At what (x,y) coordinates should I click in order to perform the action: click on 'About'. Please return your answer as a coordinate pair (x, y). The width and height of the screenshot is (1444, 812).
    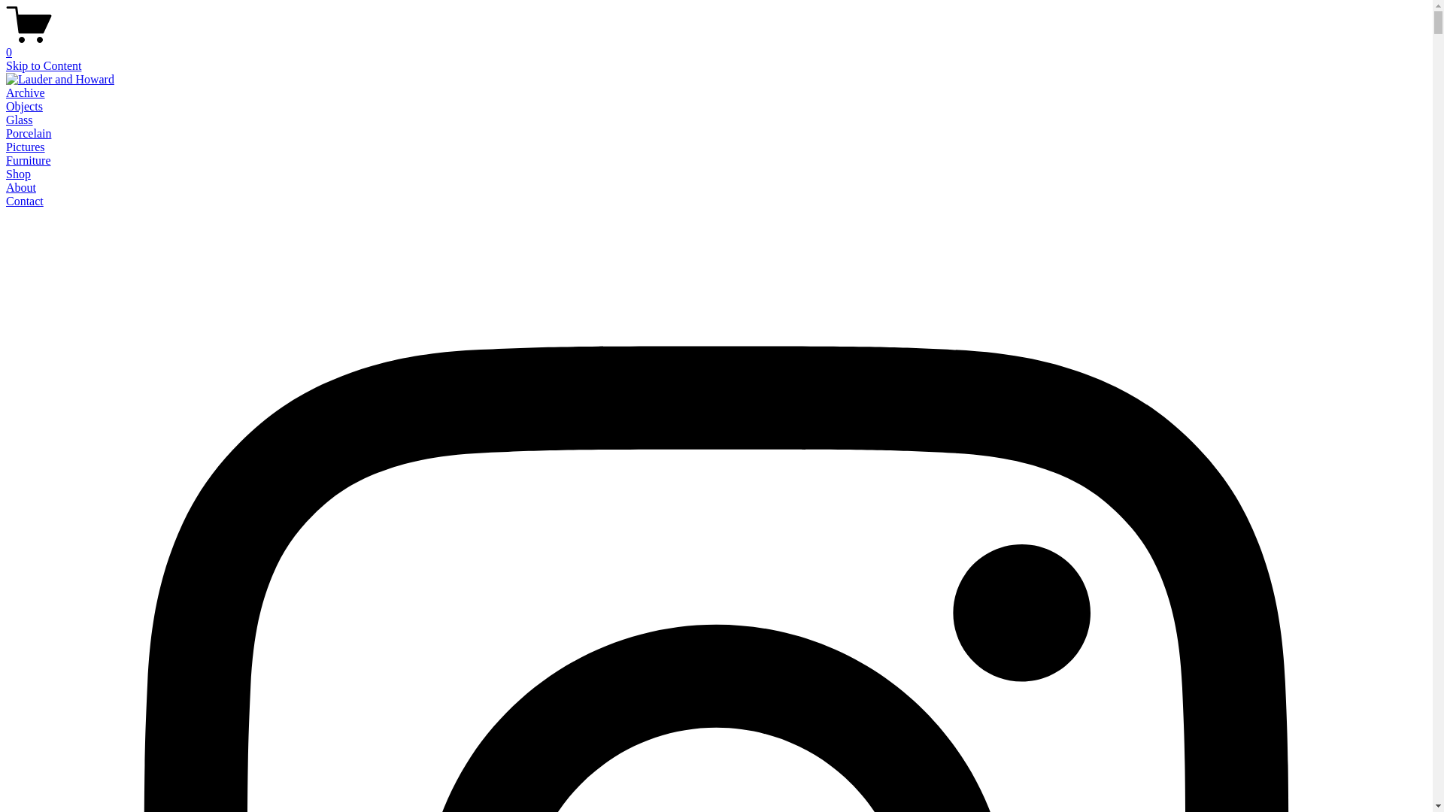
    Looking at the image, I should click on (21, 186).